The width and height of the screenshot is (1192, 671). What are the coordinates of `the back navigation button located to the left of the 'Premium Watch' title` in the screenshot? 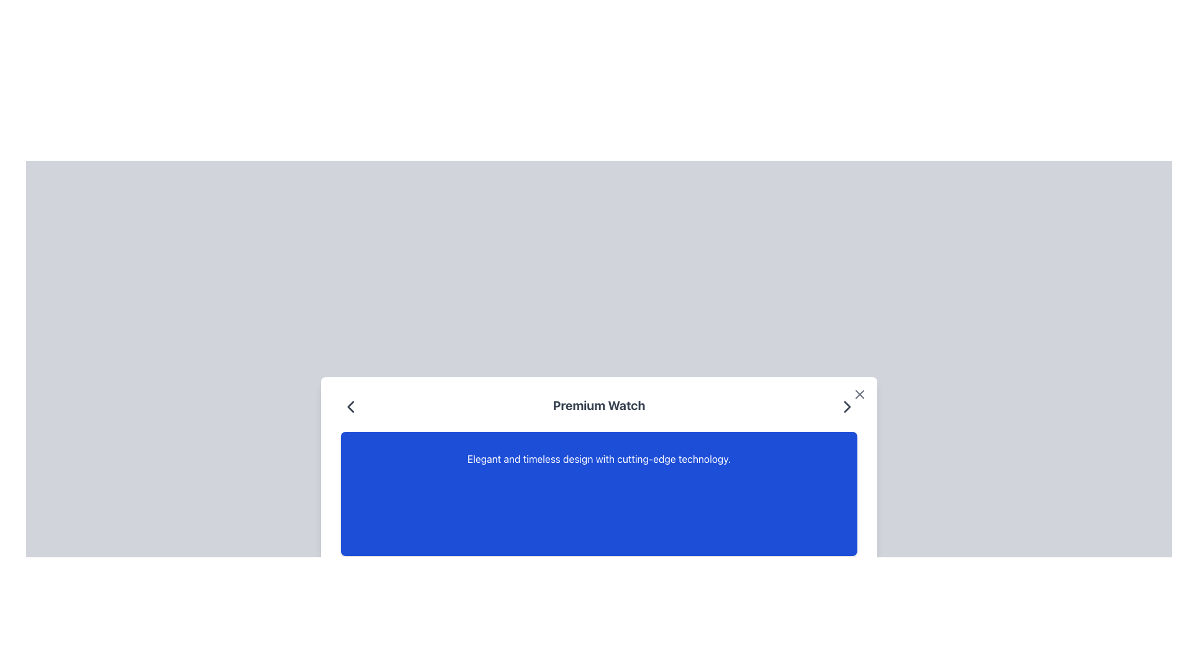 It's located at (350, 407).